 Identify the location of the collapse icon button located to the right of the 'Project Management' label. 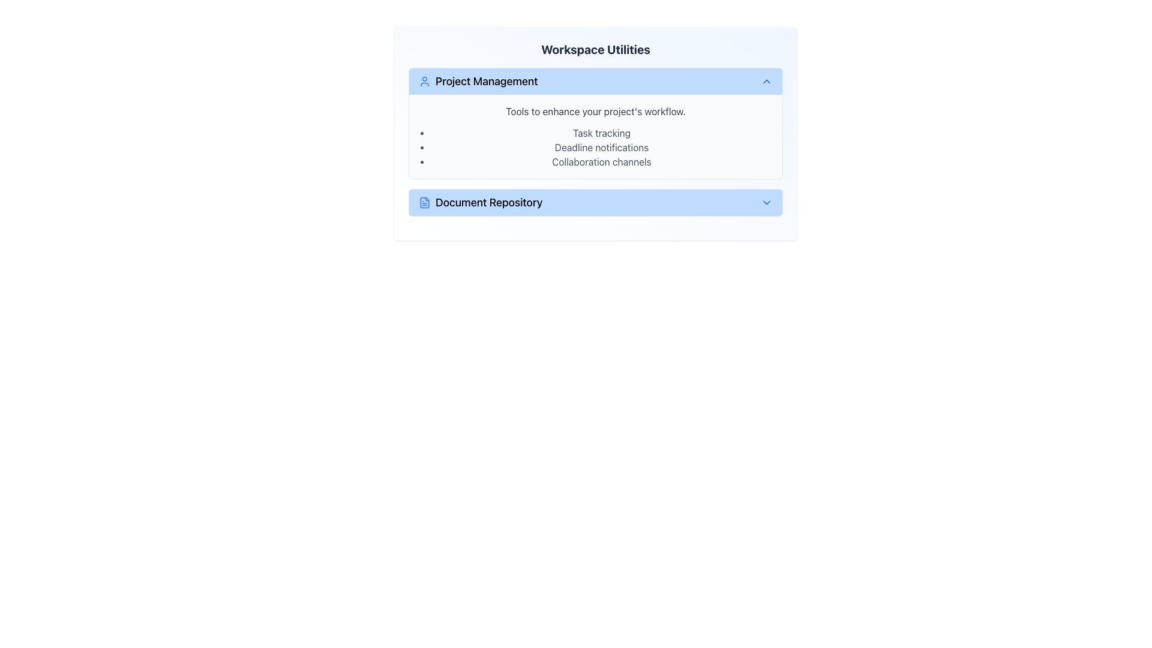
(766, 81).